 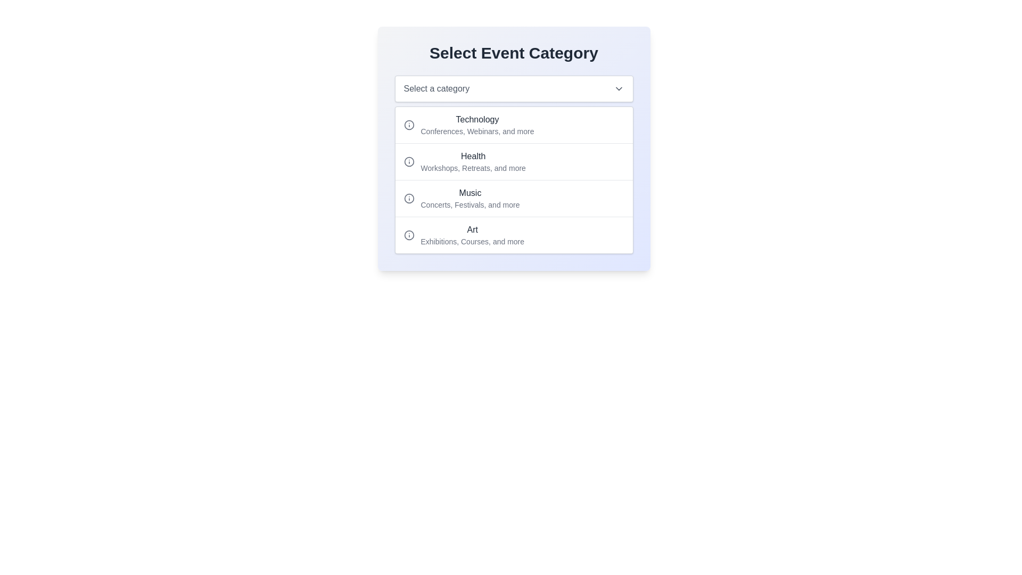 I want to click on the 'Music' category in the menu list, which features a prominent title text in dark-gray font and is the third item in the vertical list under the 'Select Event Category' header, so click(x=514, y=198).